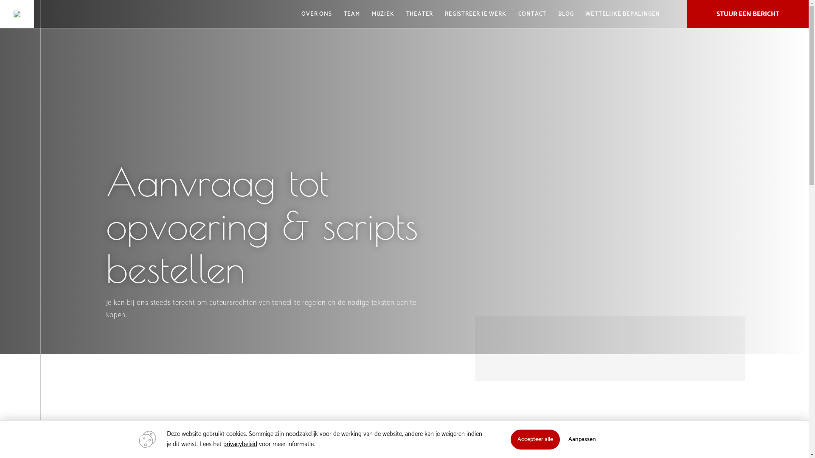 This screenshot has width=815, height=458. I want to click on 'CONTACT', so click(532, 14).